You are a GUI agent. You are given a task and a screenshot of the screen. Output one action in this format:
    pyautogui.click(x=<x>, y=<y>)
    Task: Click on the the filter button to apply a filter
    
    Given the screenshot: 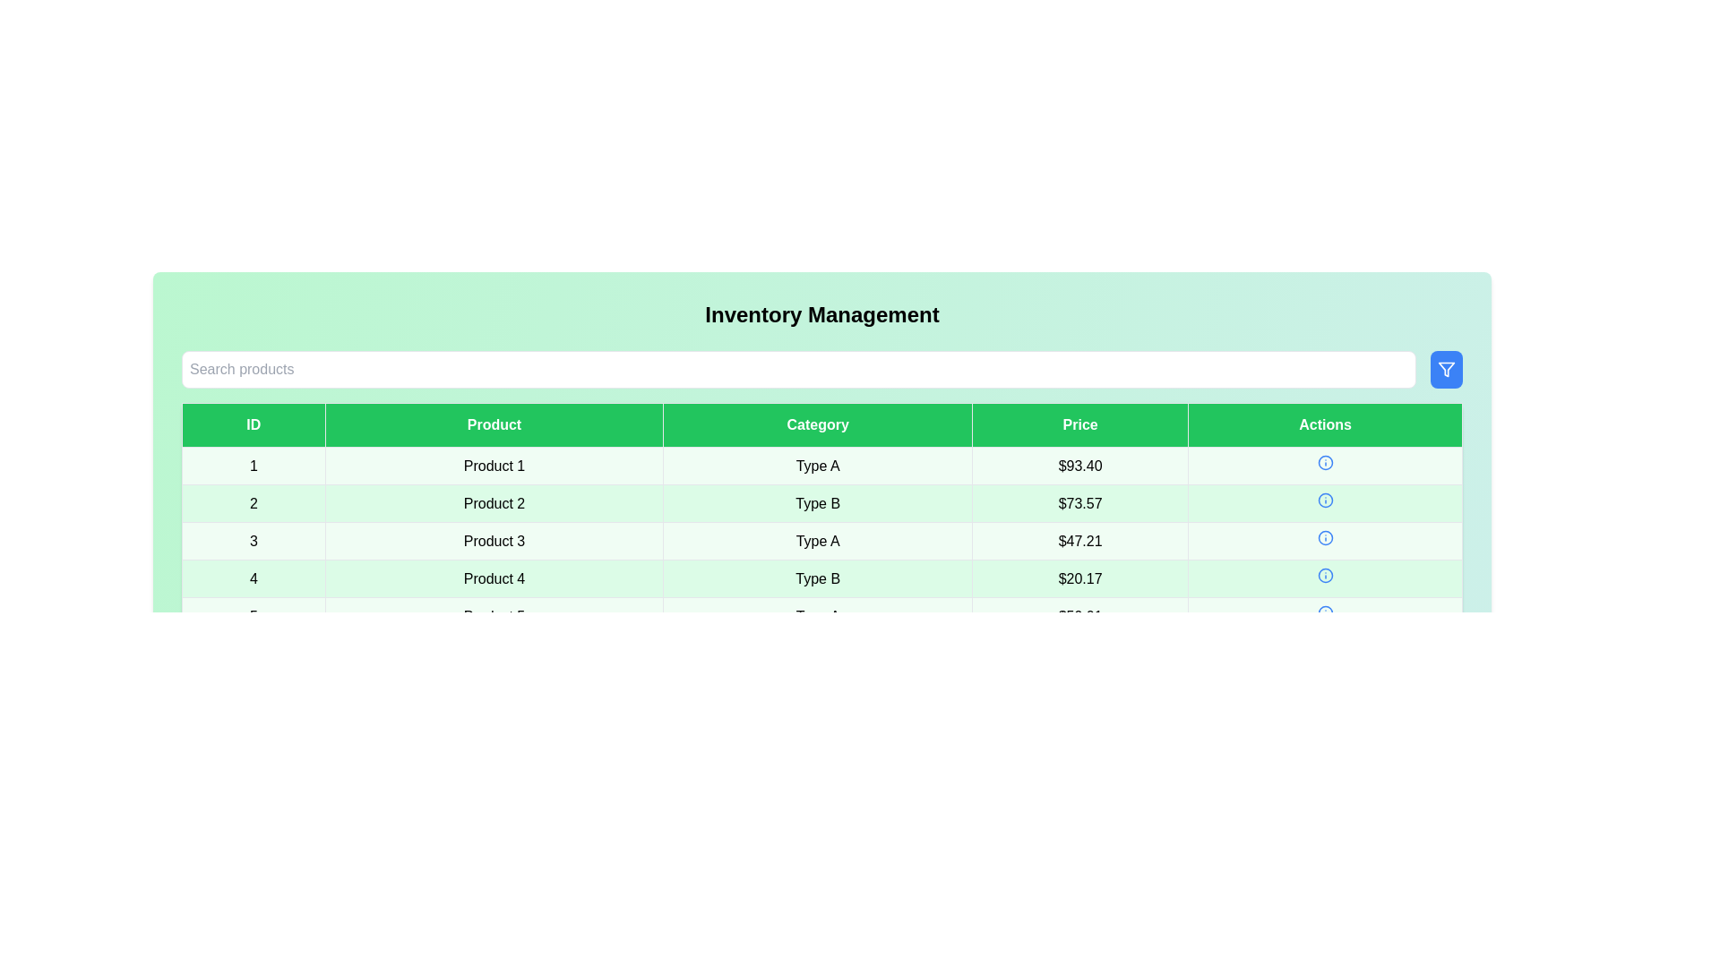 What is the action you would take?
    pyautogui.click(x=1446, y=368)
    